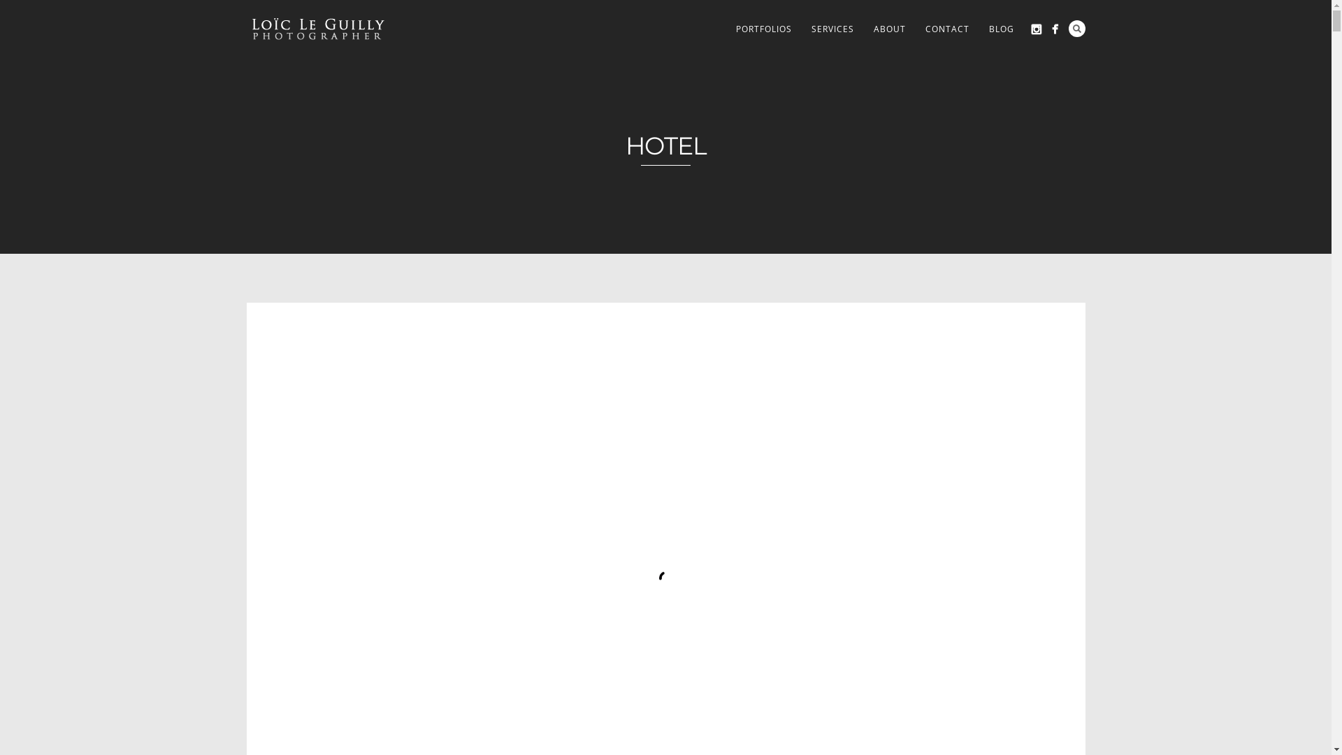  Describe the element at coordinates (888, 29) in the screenshot. I see `'ABOUT'` at that location.